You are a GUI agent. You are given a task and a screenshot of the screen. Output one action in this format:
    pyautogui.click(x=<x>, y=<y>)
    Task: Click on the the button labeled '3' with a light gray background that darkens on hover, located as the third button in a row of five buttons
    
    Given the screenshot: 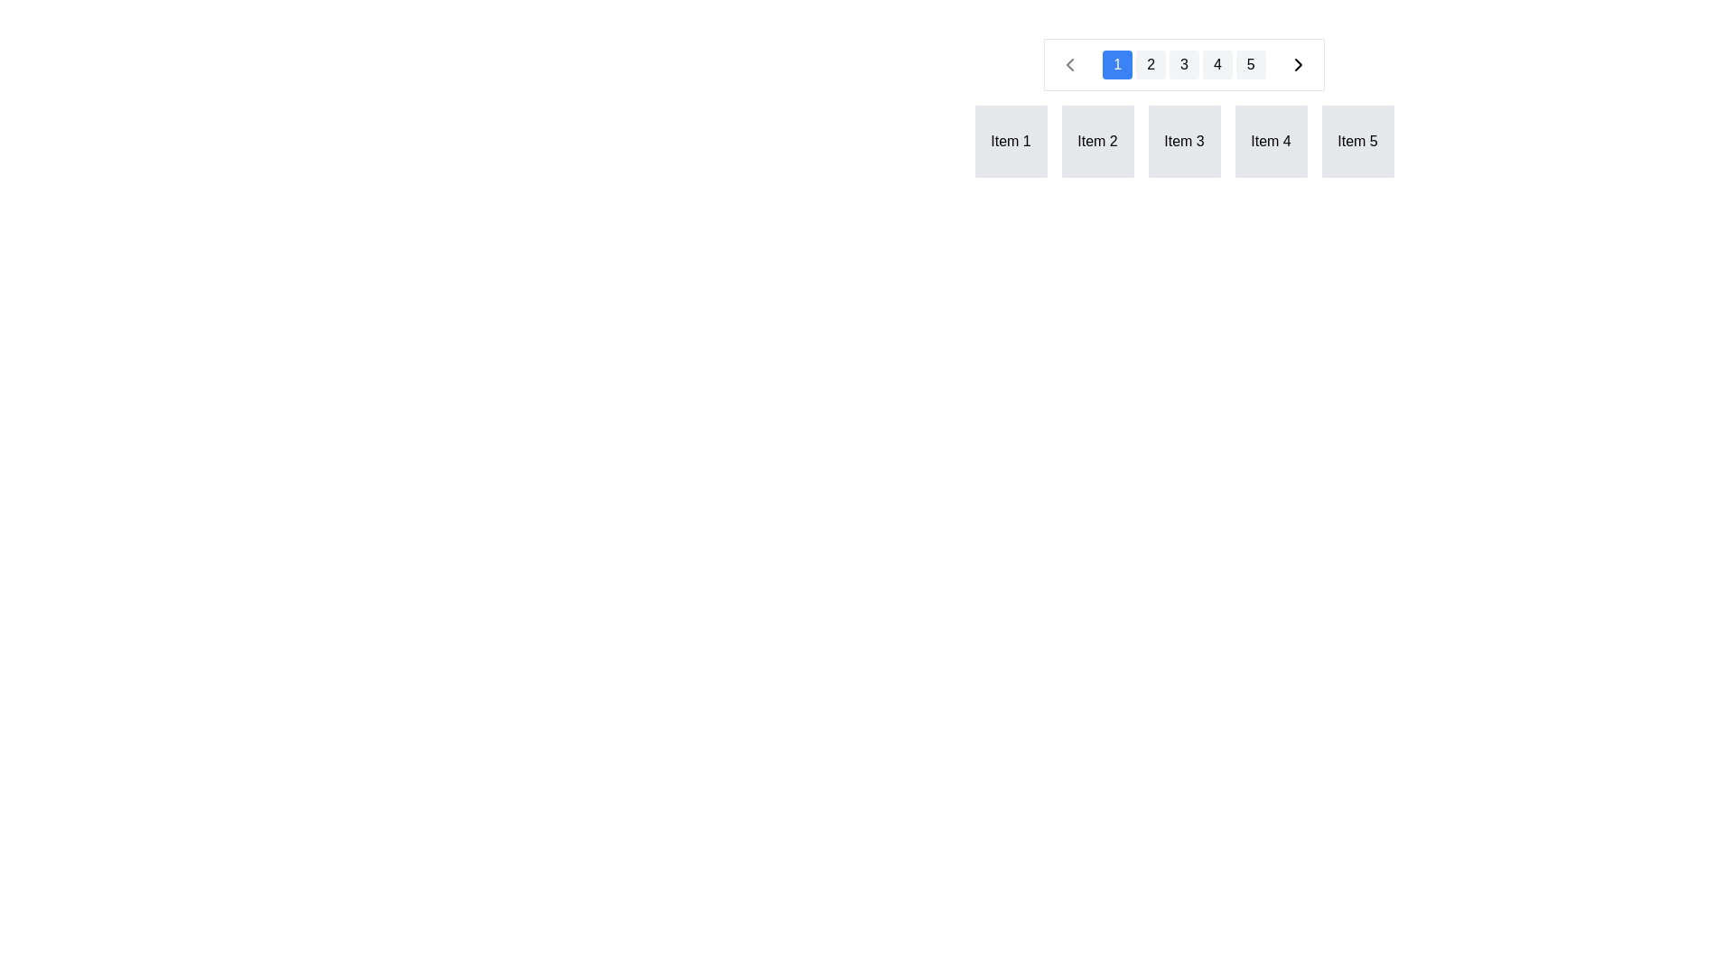 What is the action you would take?
    pyautogui.click(x=1184, y=64)
    